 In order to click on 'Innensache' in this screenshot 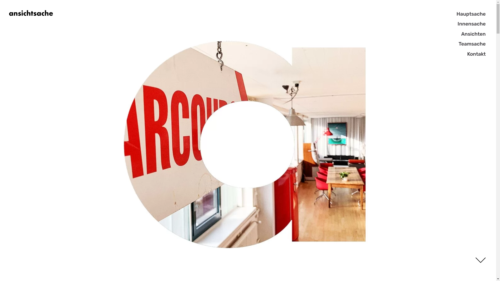, I will do `click(475, 24)`.